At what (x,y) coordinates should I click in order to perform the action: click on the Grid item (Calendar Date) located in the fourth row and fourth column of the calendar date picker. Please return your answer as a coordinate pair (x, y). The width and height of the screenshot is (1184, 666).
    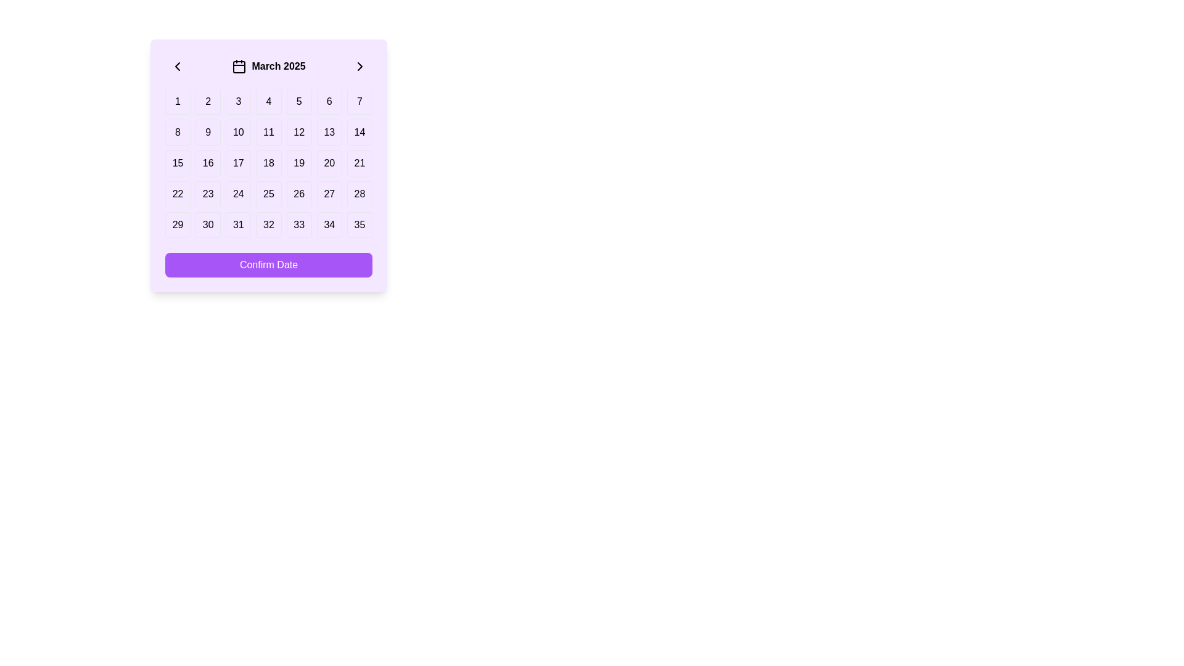
    Looking at the image, I should click on (238, 194).